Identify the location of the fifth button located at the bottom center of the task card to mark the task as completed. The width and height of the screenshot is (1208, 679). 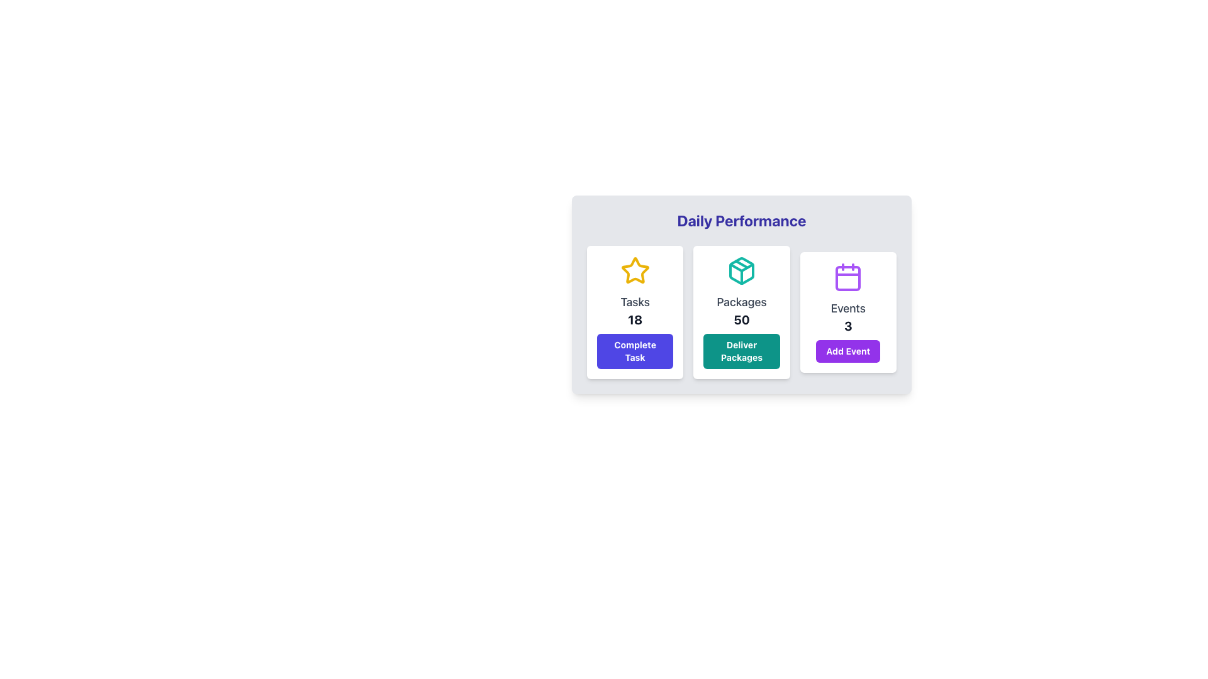
(635, 351).